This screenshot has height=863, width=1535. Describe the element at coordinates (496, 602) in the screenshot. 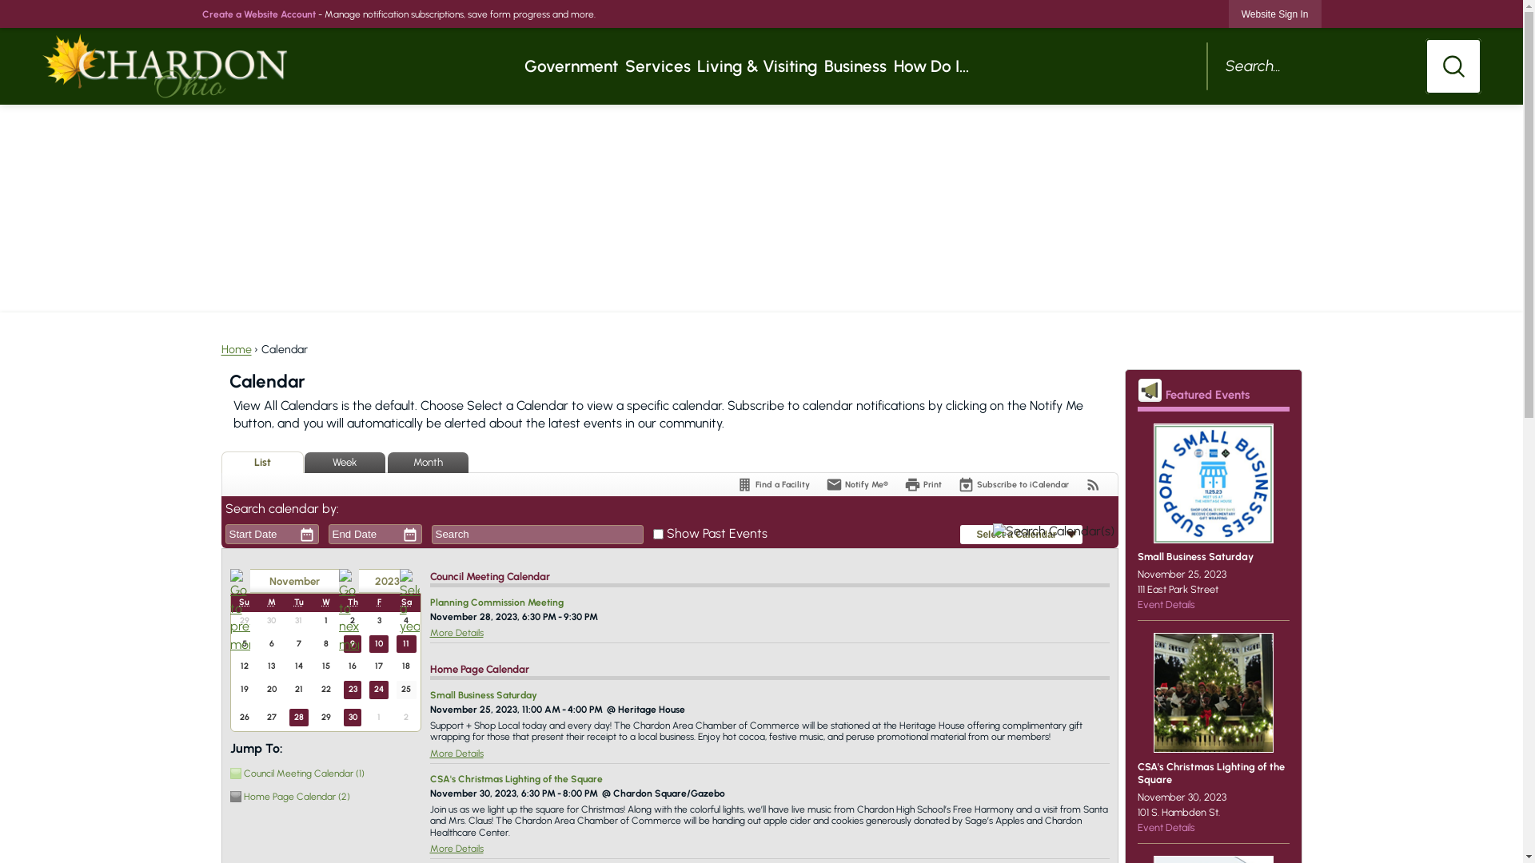

I see `'Planning Commission Meeting'` at that location.